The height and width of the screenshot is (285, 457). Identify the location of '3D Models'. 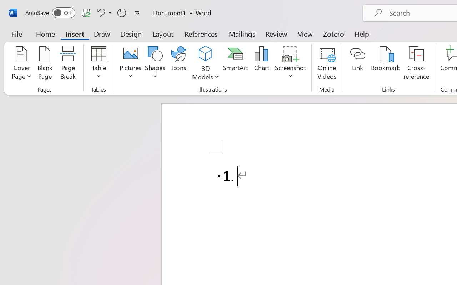
(205, 64).